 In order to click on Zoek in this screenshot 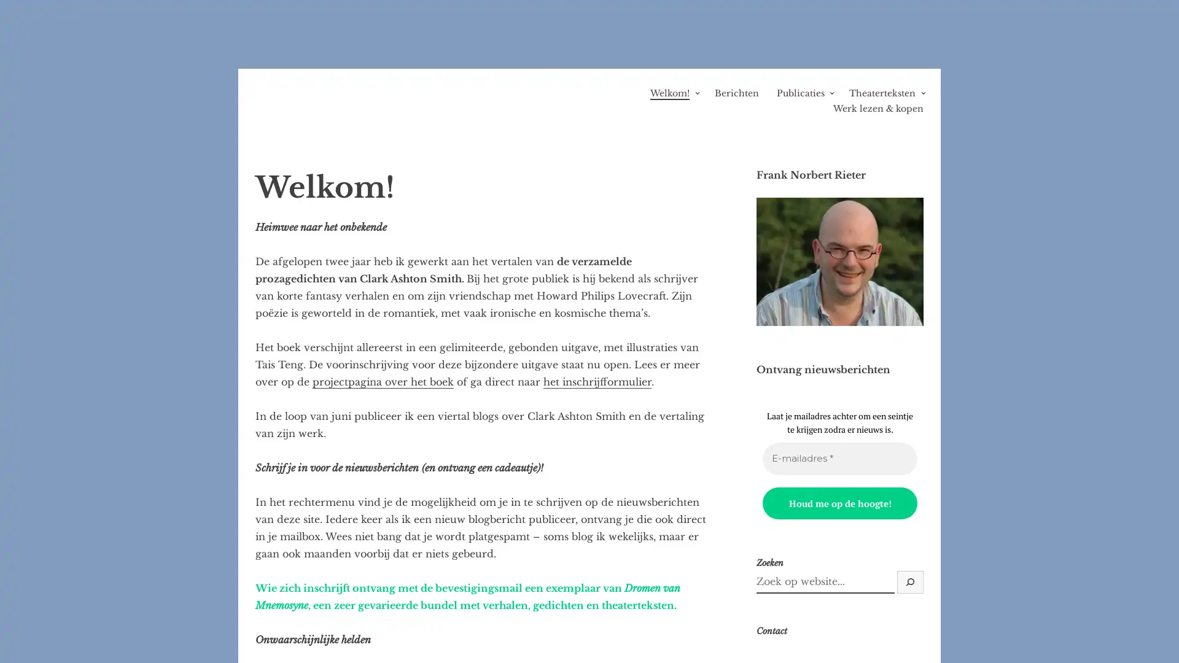, I will do `click(910, 581)`.